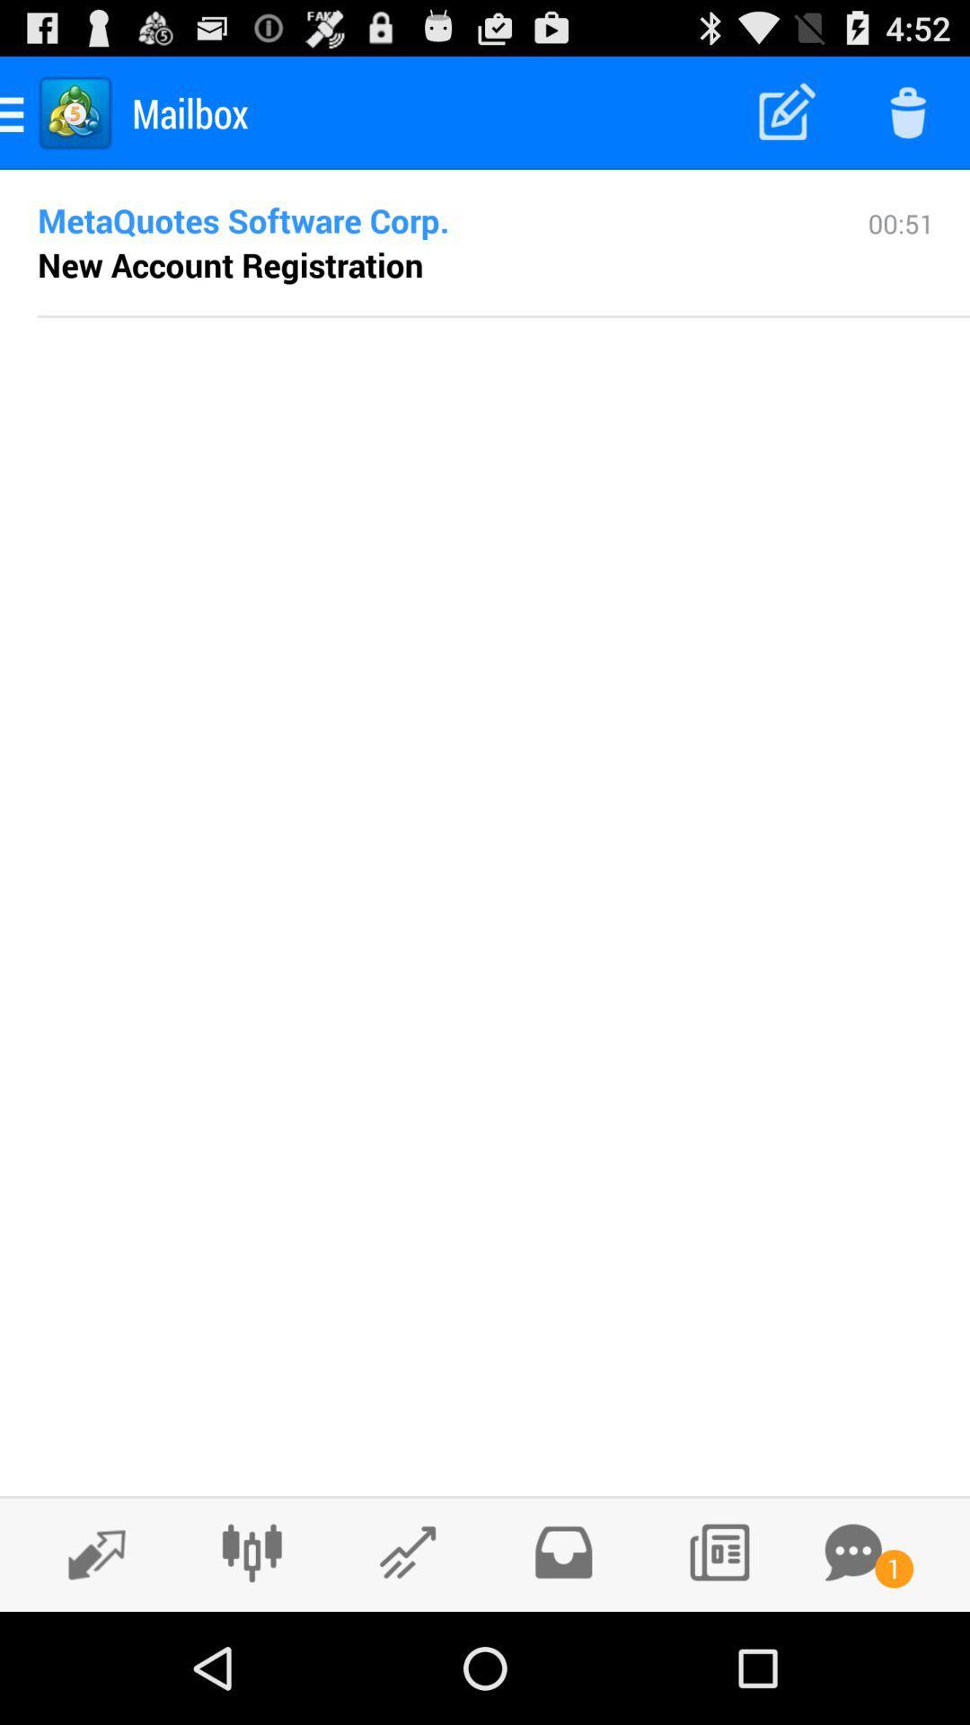 This screenshot has width=970, height=1725. What do you see at coordinates (852, 1552) in the screenshot?
I see `open messages` at bounding box center [852, 1552].